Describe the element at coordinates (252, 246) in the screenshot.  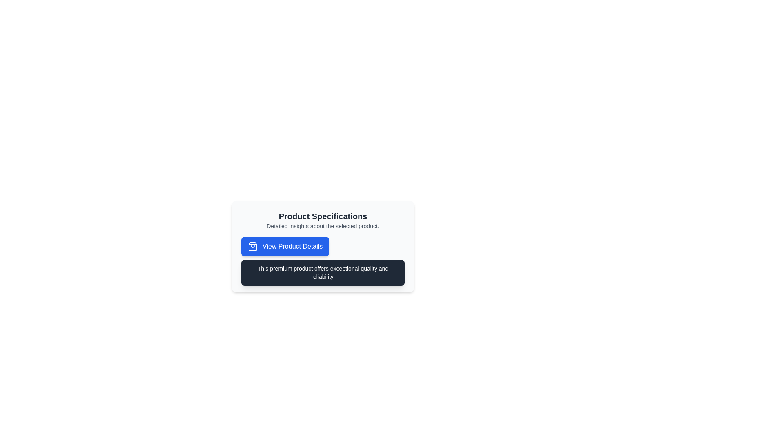
I see `the icon located to the left of the 'View Product Details' button, which indicates the purpose of browsing or viewing products` at that location.